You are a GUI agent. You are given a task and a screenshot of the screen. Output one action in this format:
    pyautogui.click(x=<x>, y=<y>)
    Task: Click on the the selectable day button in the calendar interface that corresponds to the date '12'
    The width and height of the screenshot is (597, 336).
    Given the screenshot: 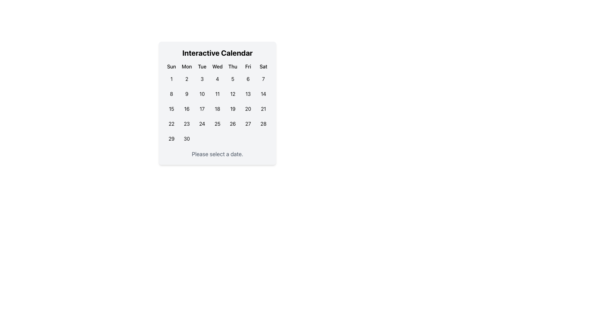 What is the action you would take?
    pyautogui.click(x=232, y=94)
    